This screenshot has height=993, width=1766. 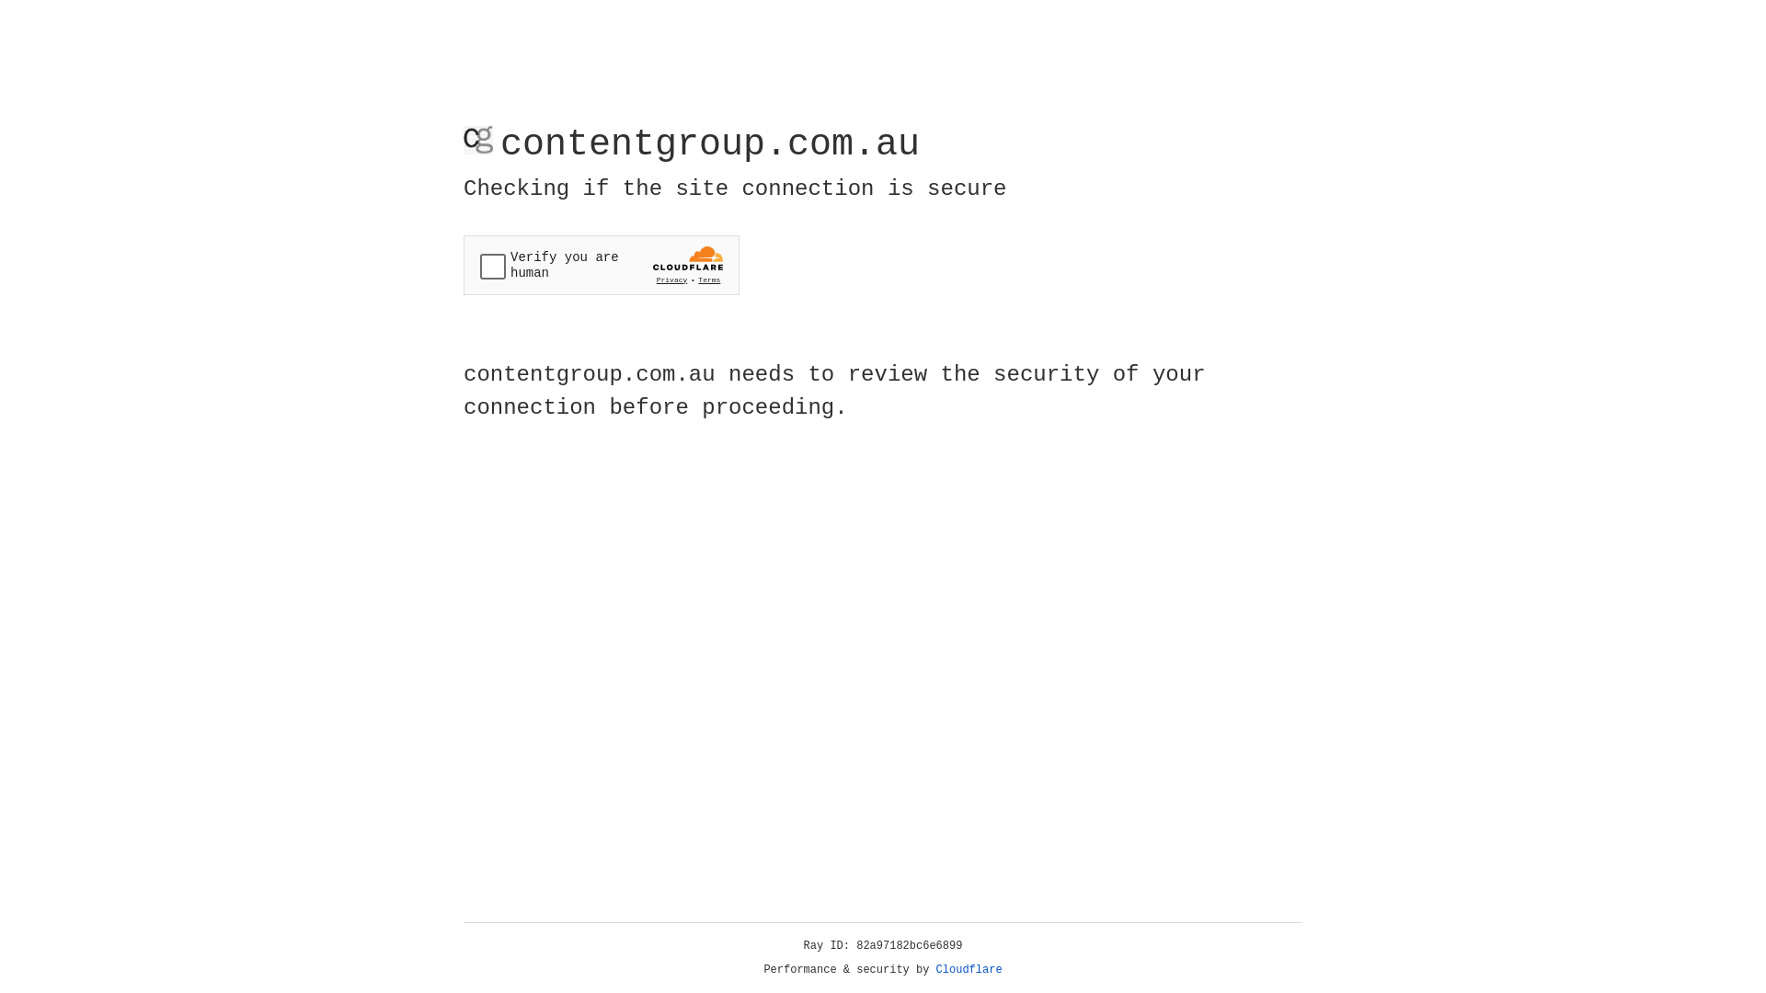 I want to click on 'Widget containing a Cloudflare security challenge', so click(x=601, y=265).